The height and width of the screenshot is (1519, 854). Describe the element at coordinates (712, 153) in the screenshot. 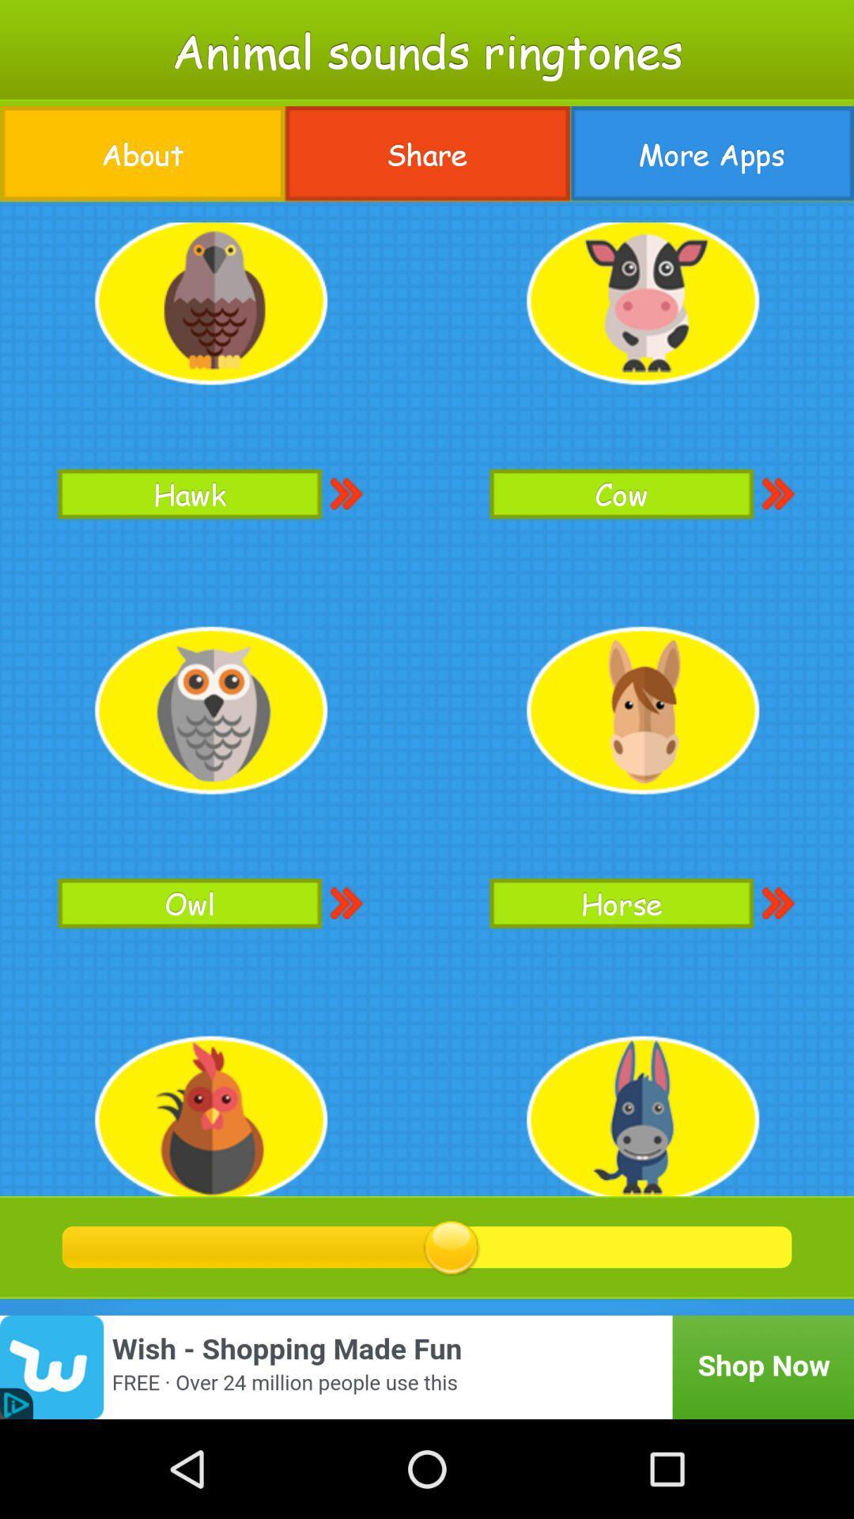

I see `more apps icon` at that location.